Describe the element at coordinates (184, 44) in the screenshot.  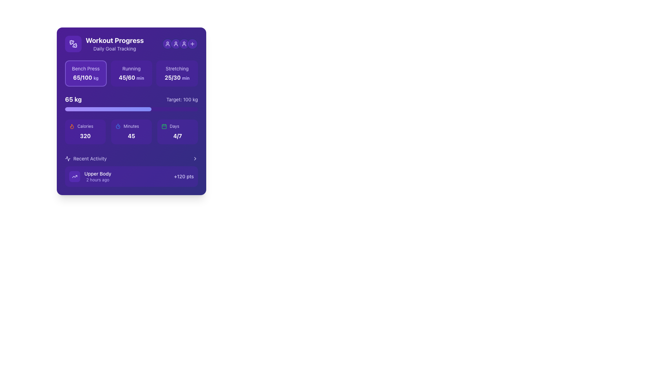
I see `the user profile icon located in the top-right section of the panel, which is part of a horizontal group of similar user icons` at that location.